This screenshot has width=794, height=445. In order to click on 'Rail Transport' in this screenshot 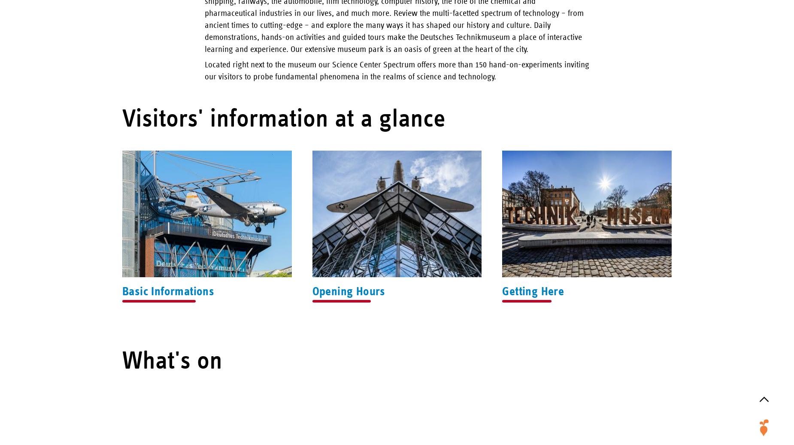, I will do `click(764, 174)`.